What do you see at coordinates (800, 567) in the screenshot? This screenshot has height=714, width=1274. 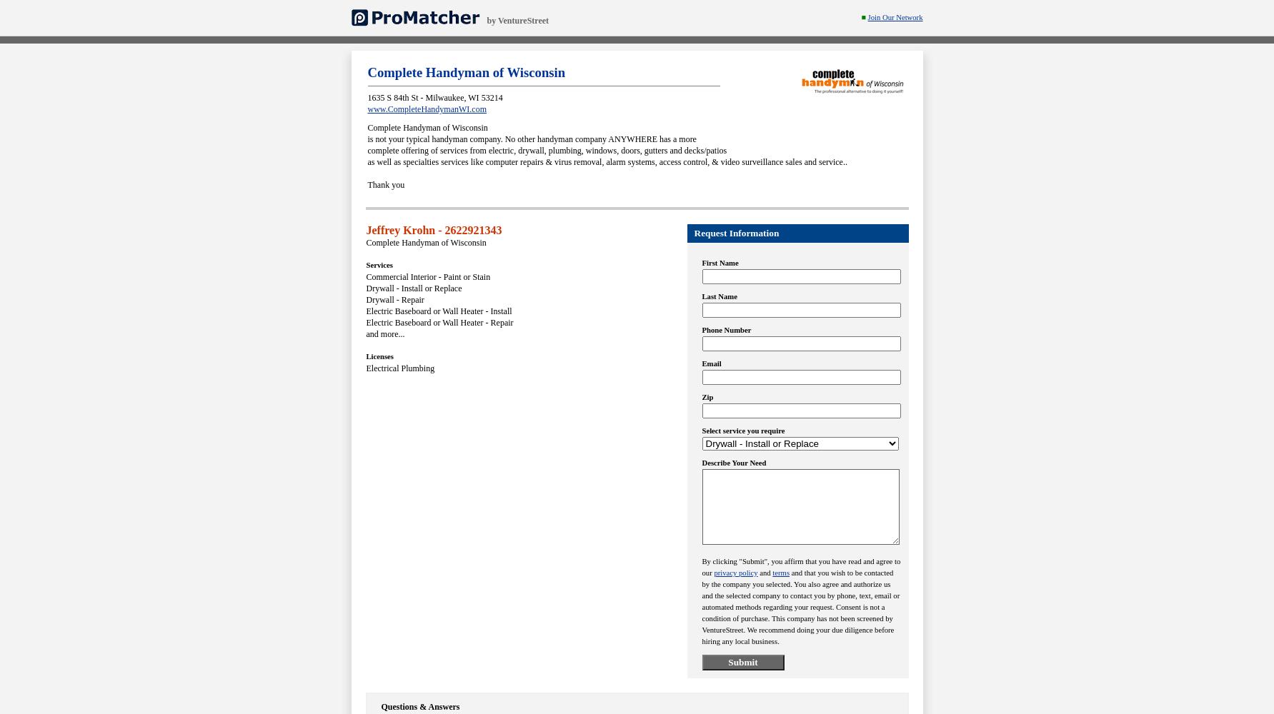 I see `'By clicking "Submit", you affirm that you have read and agree to our'` at bounding box center [800, 567].